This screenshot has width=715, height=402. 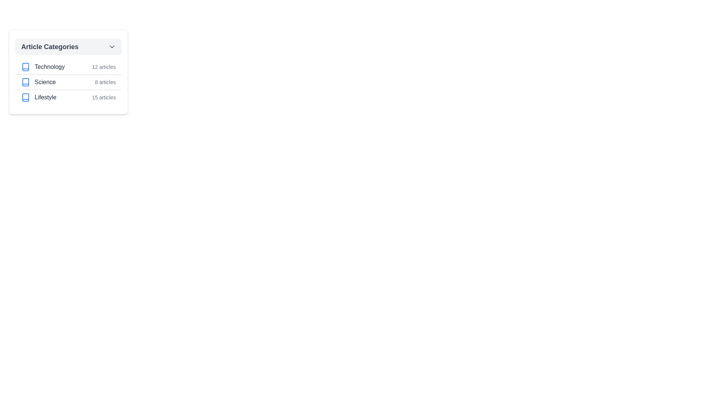 What do you see at coordinates (75, 82) in the screenshot?
I see `the 'Science 8 articles' list item, which is the second item in a vertical list of article categories` at bounding box center [75, 82].